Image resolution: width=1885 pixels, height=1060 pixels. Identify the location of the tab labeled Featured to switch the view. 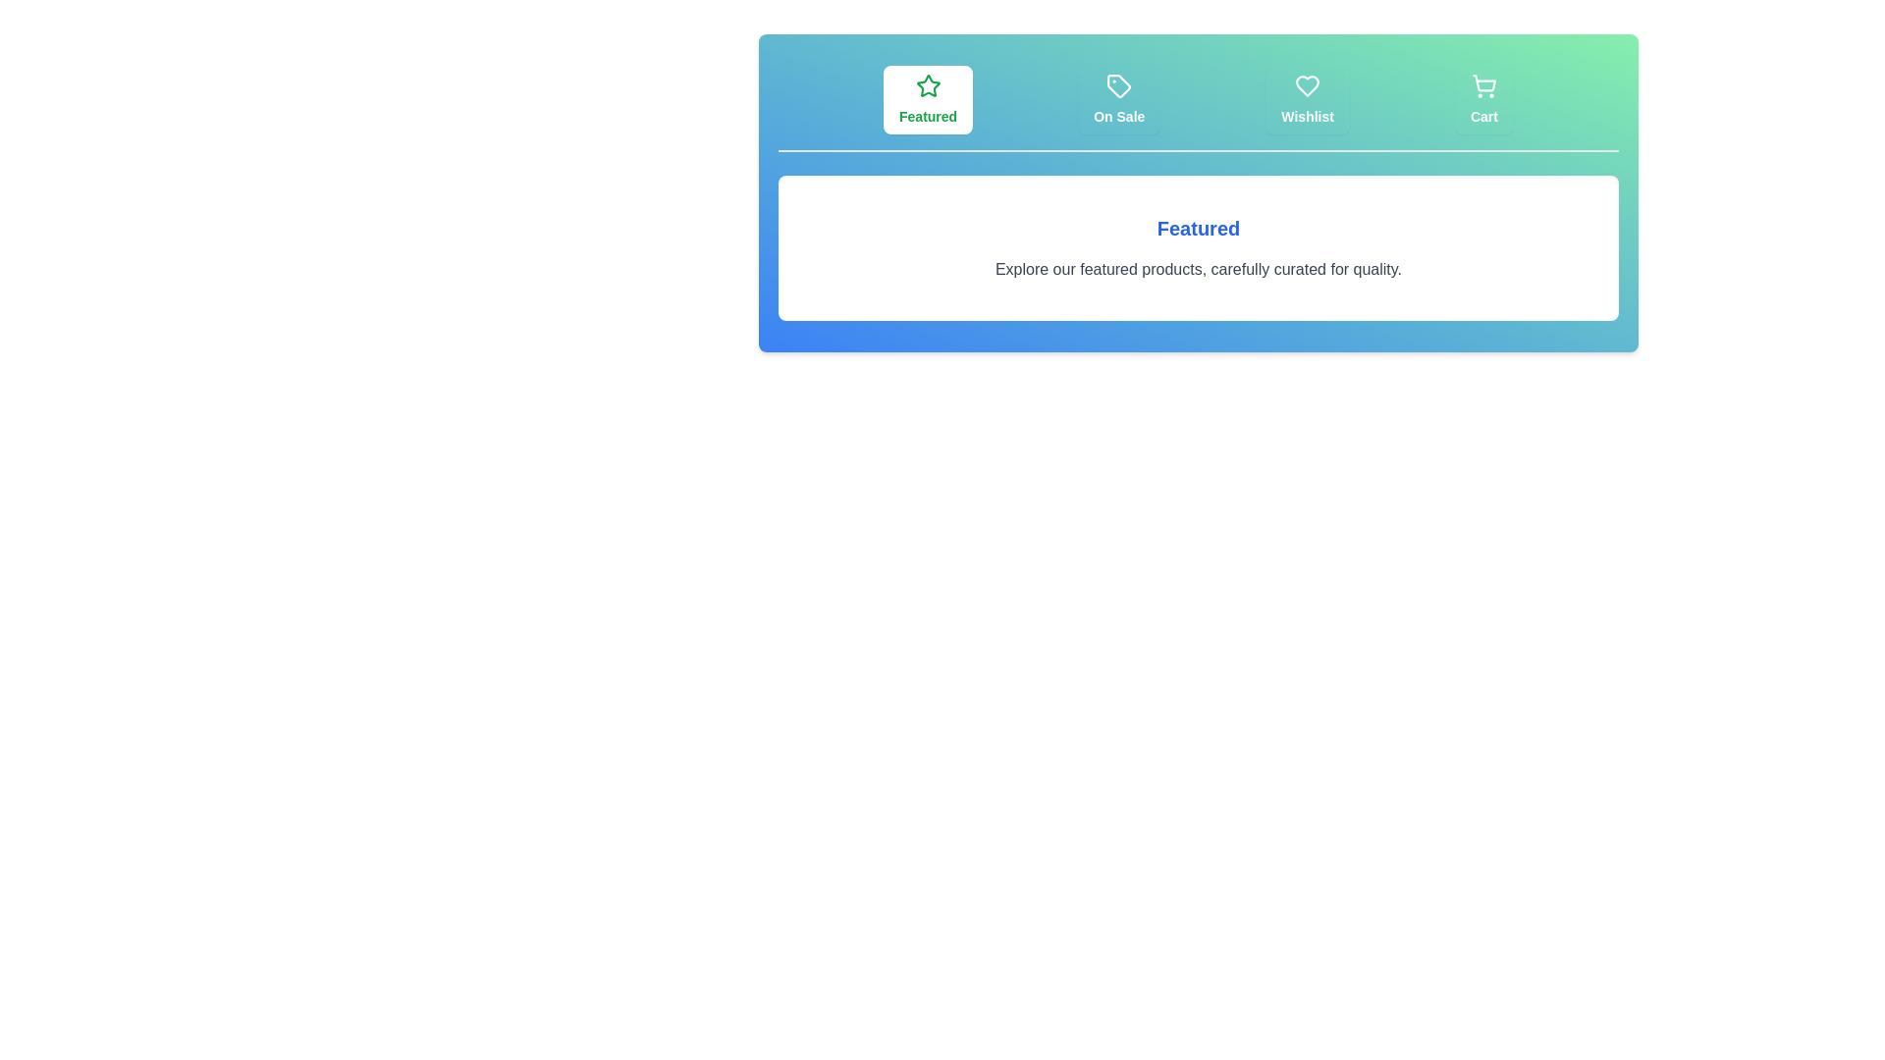
(927, 99).